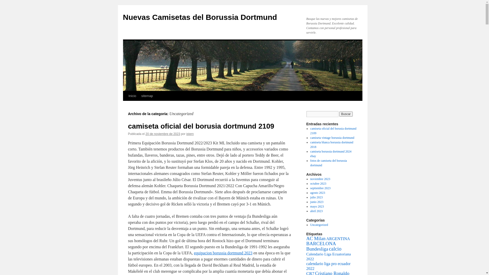 This screenshot has width=489, height=275. Describe the element at coordinates (223, 253) in the screenshot. I see `'equipacion borussia dortmund 2023'` at that location.